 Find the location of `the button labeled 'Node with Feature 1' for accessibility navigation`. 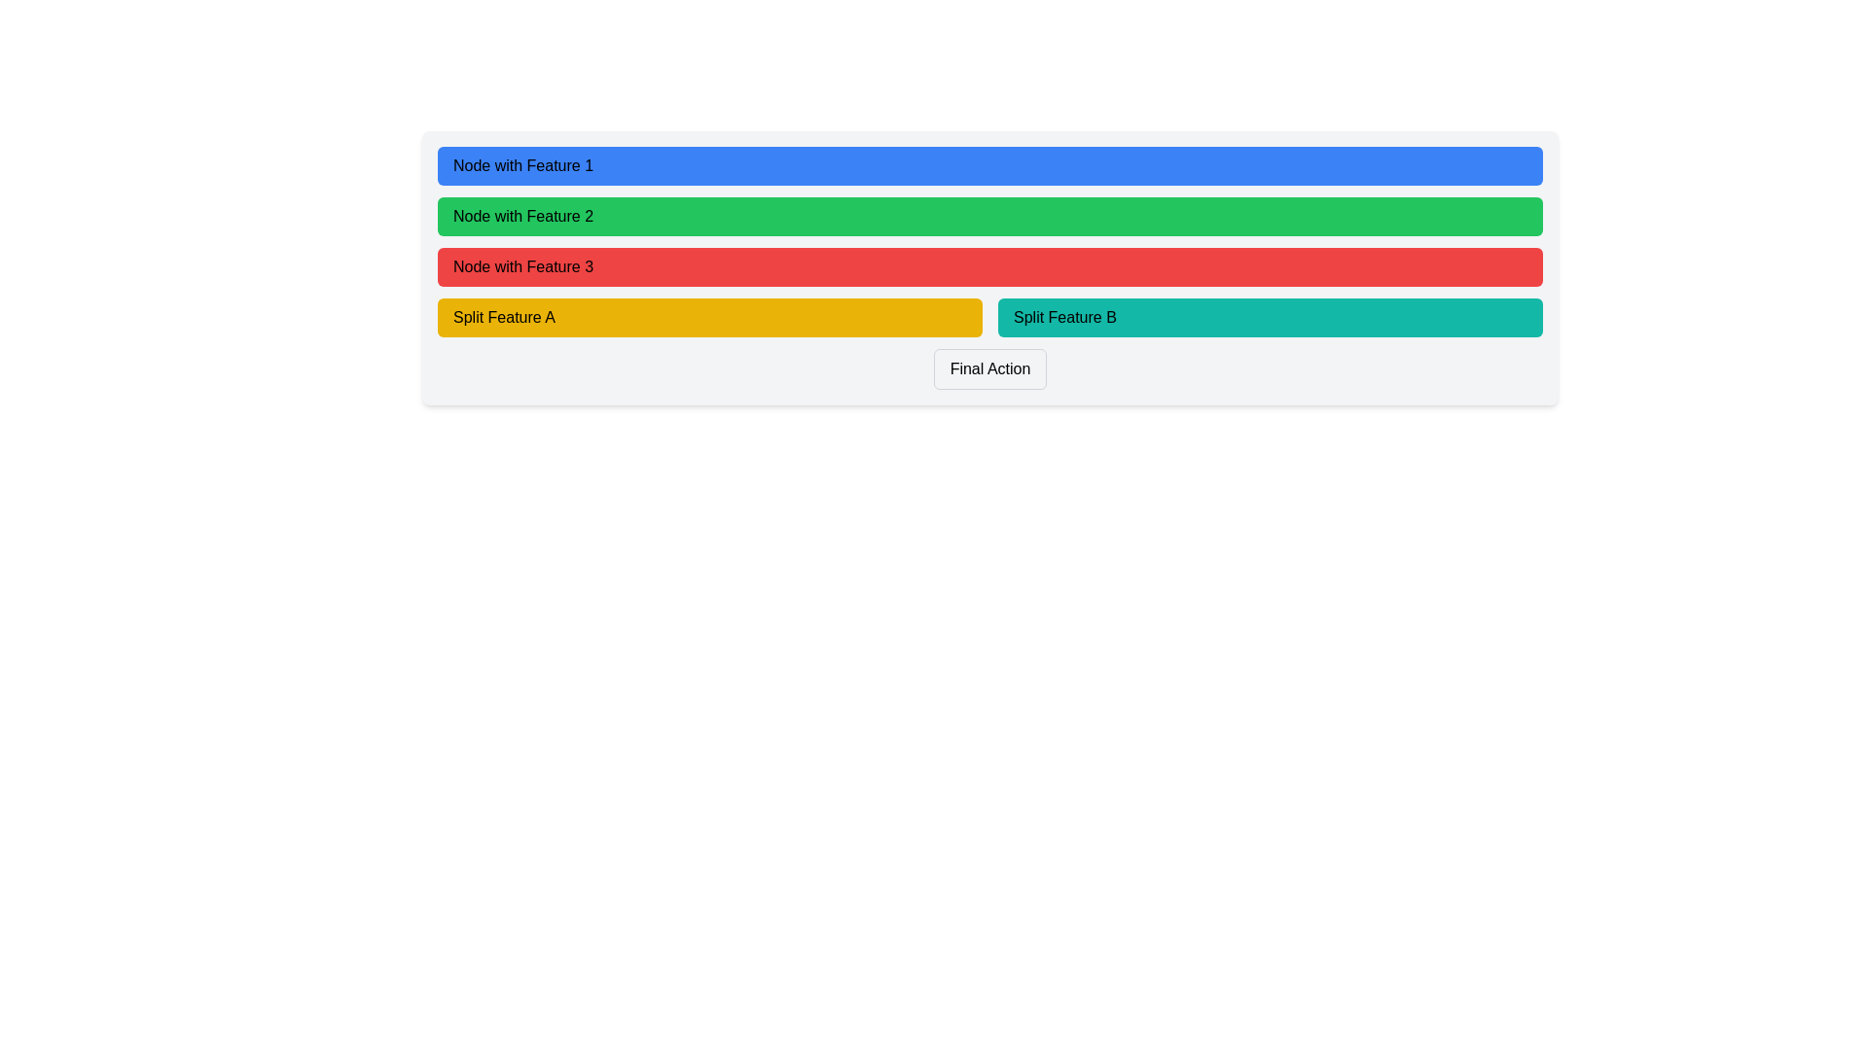

the button labeled 'Node with Feature 1' for accessibility navigation is located at coordinates (989, 164).